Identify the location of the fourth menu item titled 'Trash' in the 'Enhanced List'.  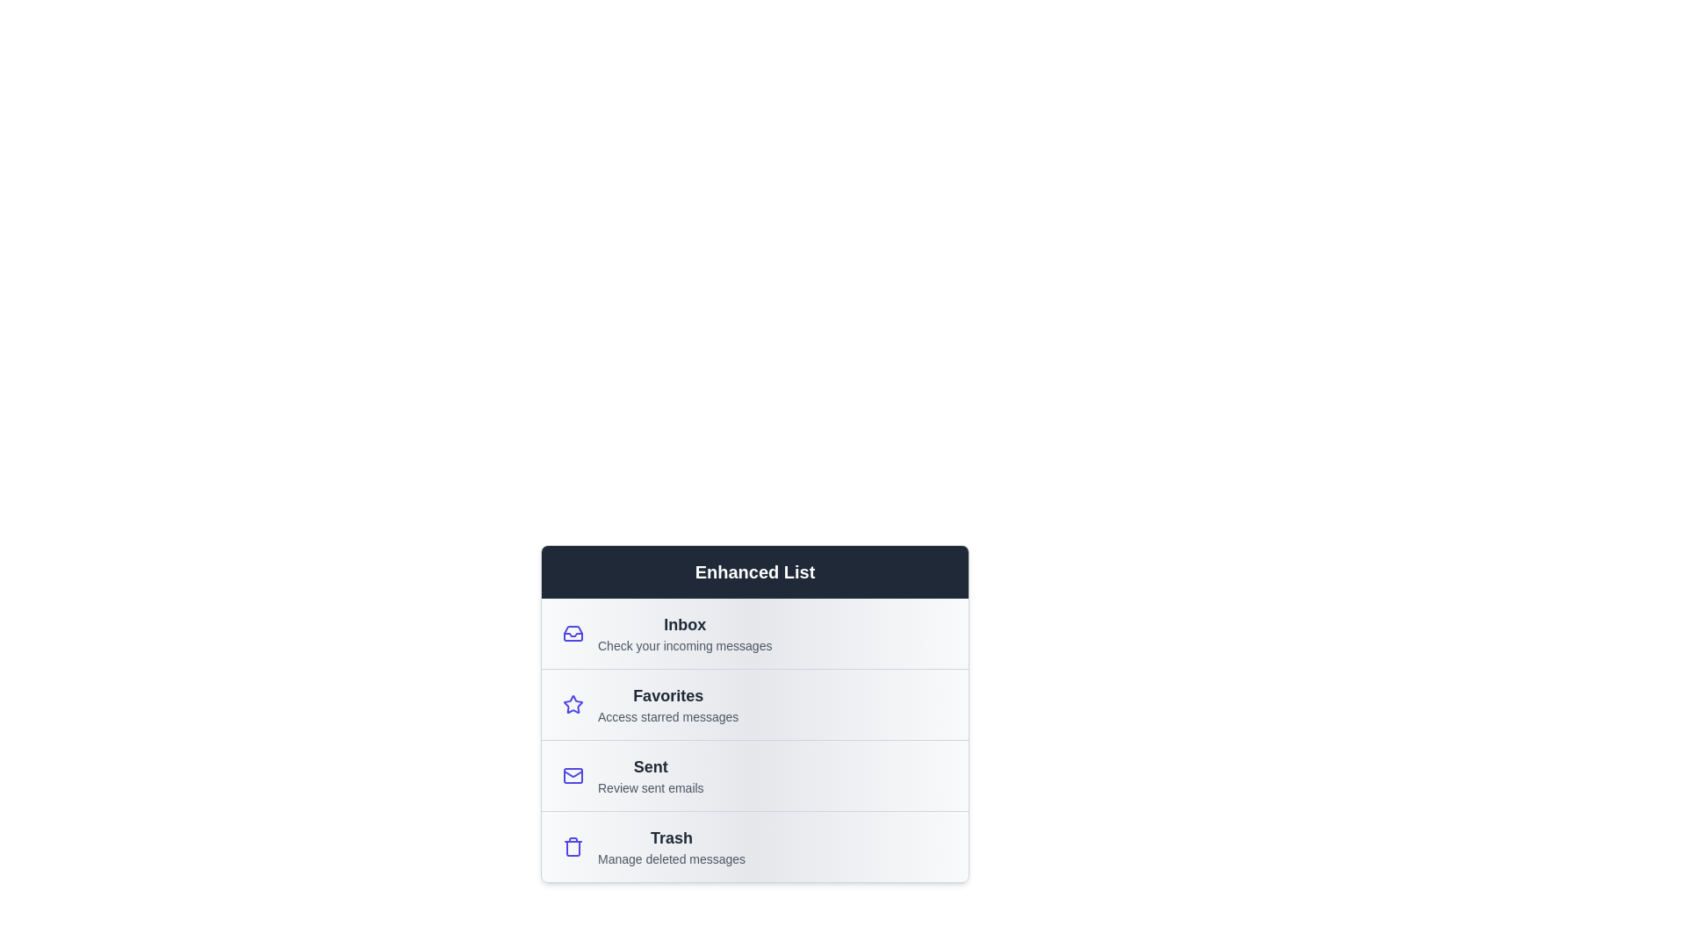
(754, 845).